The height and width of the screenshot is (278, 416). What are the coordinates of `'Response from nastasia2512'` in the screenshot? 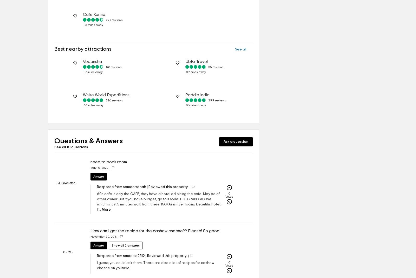 It's located at (120, 256).